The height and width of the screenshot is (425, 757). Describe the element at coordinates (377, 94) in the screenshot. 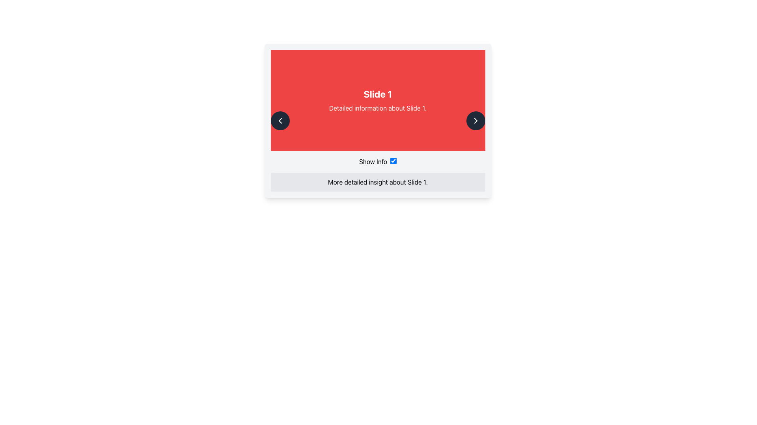

I see `the bold text label saying 'Slide 1', which is styled as a heading on a red background` at that location.